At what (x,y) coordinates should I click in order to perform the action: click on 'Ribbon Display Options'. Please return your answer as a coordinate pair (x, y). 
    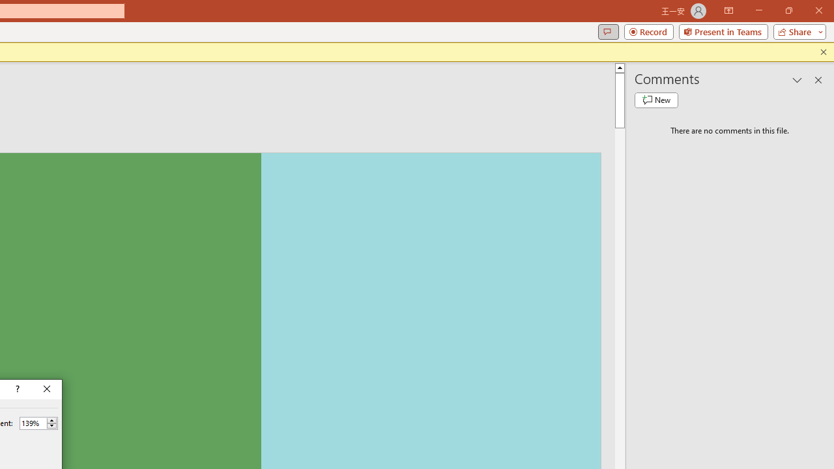
    Looking at the image, I should click on (728, 10).